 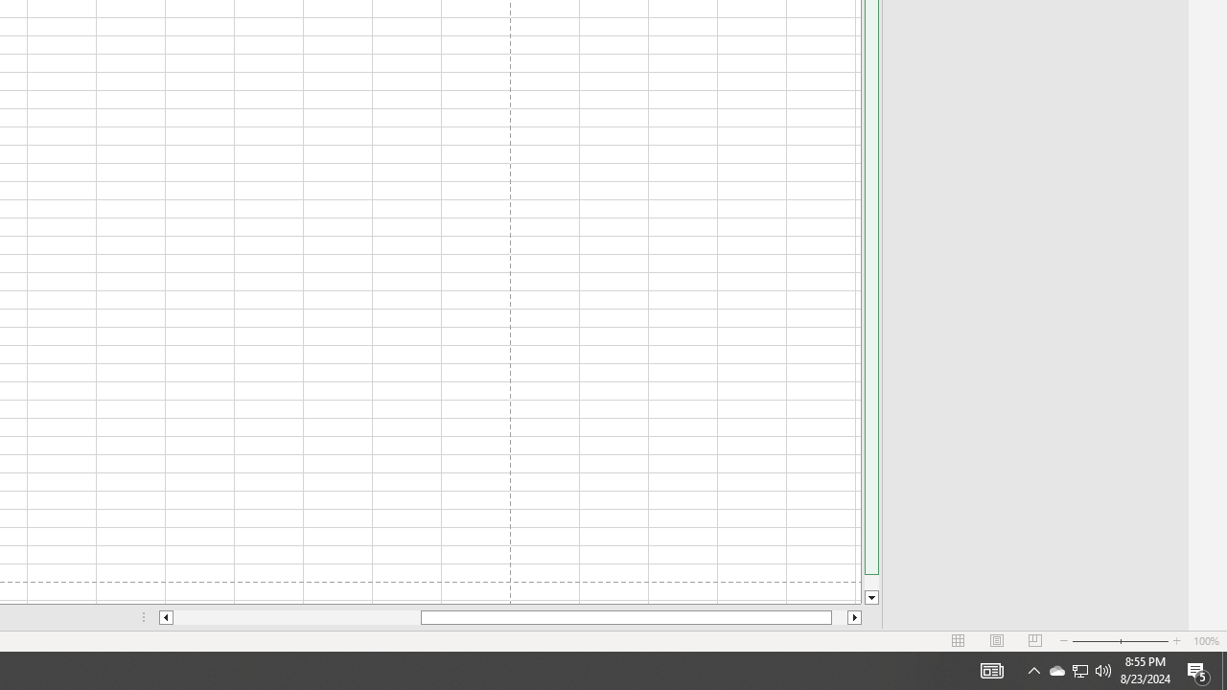 I want to click on 'Class: NetUIScrollBar', so click(x=510, y=617).